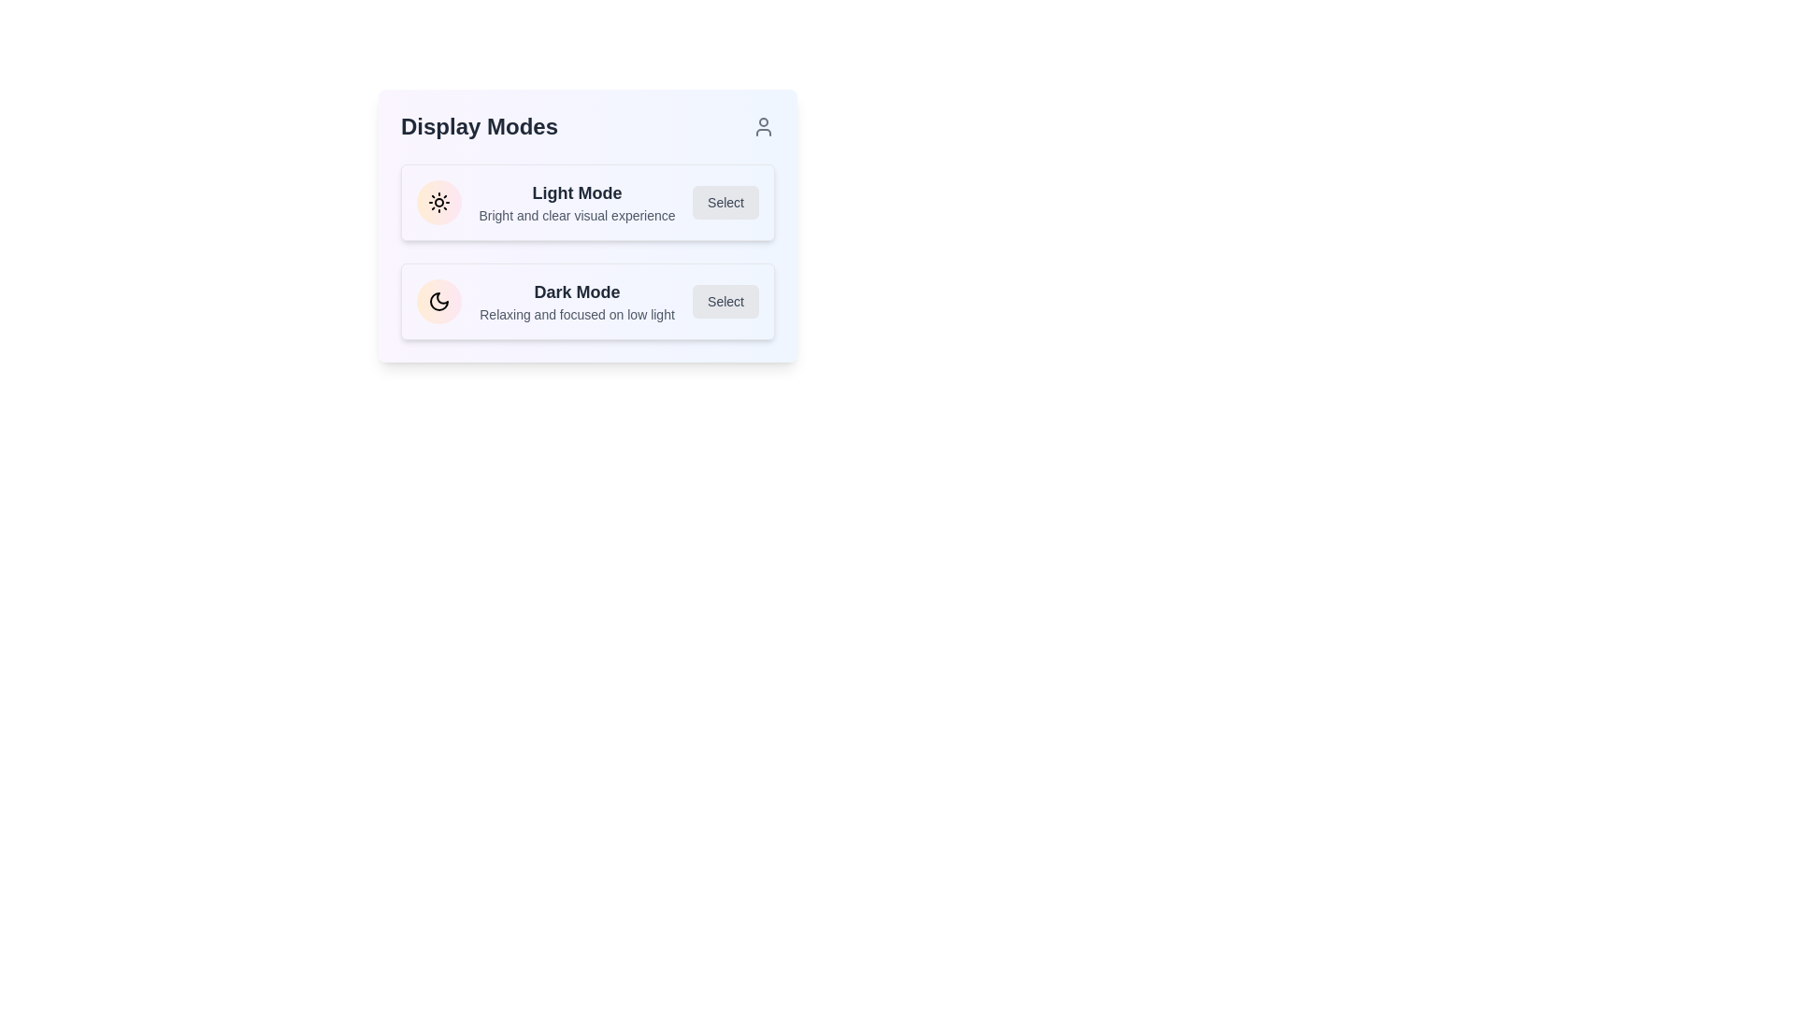 The height and width of the screenshot is (1009, 1795). Describe the element at coordinates (576, 193) in the screenshot. I see `the 'Light Mode' label which displays bold text in a dark color scheme, located in the top half of the card-style component for visual modes` at that location.